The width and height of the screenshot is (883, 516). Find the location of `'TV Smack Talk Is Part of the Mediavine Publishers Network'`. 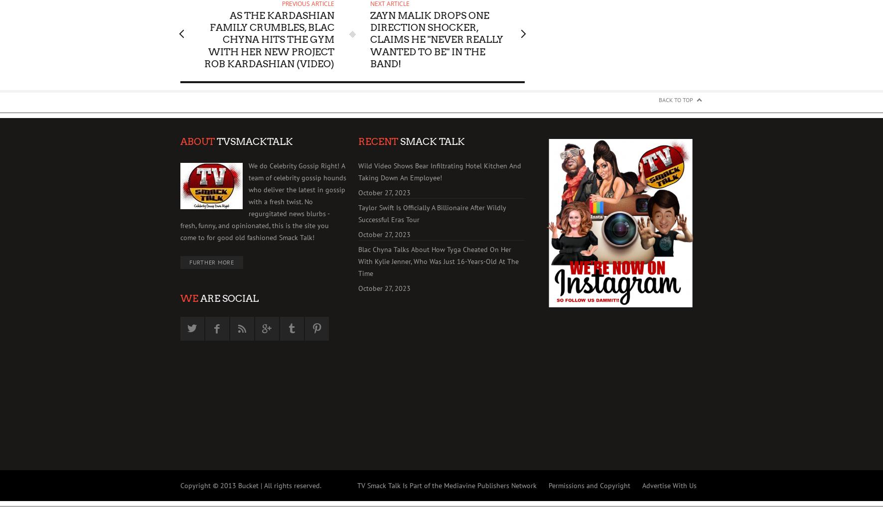

'TV Smack Talk Is Part of the Mediavine Publishers Network' is located at coordinates (446, 485).